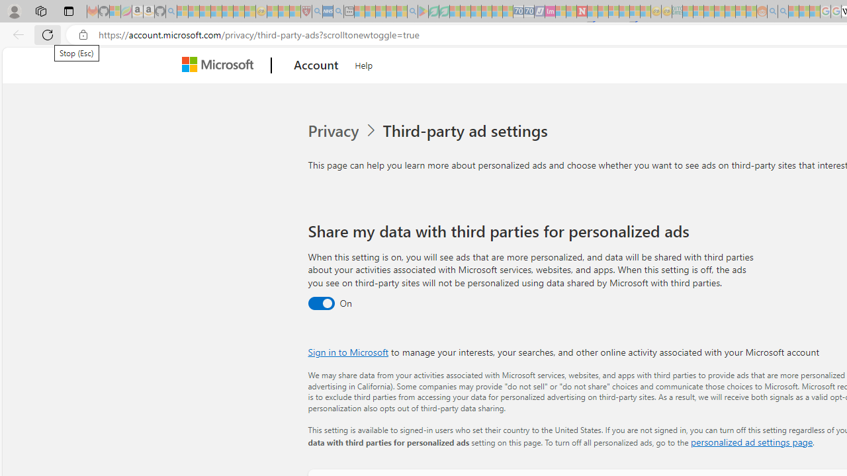 The width and height of the screenshot is (847, 476). Describe the element at coordinates (412, 11) in the screenshot. I see `'google - Search - Sleeping'` at that location.